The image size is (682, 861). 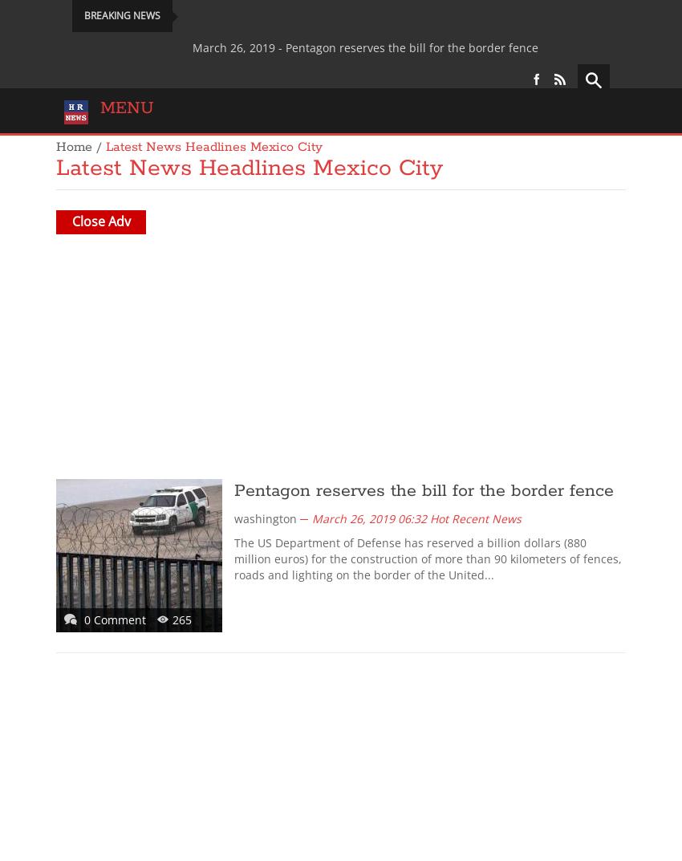 What do you see at coordinates (56, 147) in the screenshot?
I see `'Home'` at bounding box center [56, 147].